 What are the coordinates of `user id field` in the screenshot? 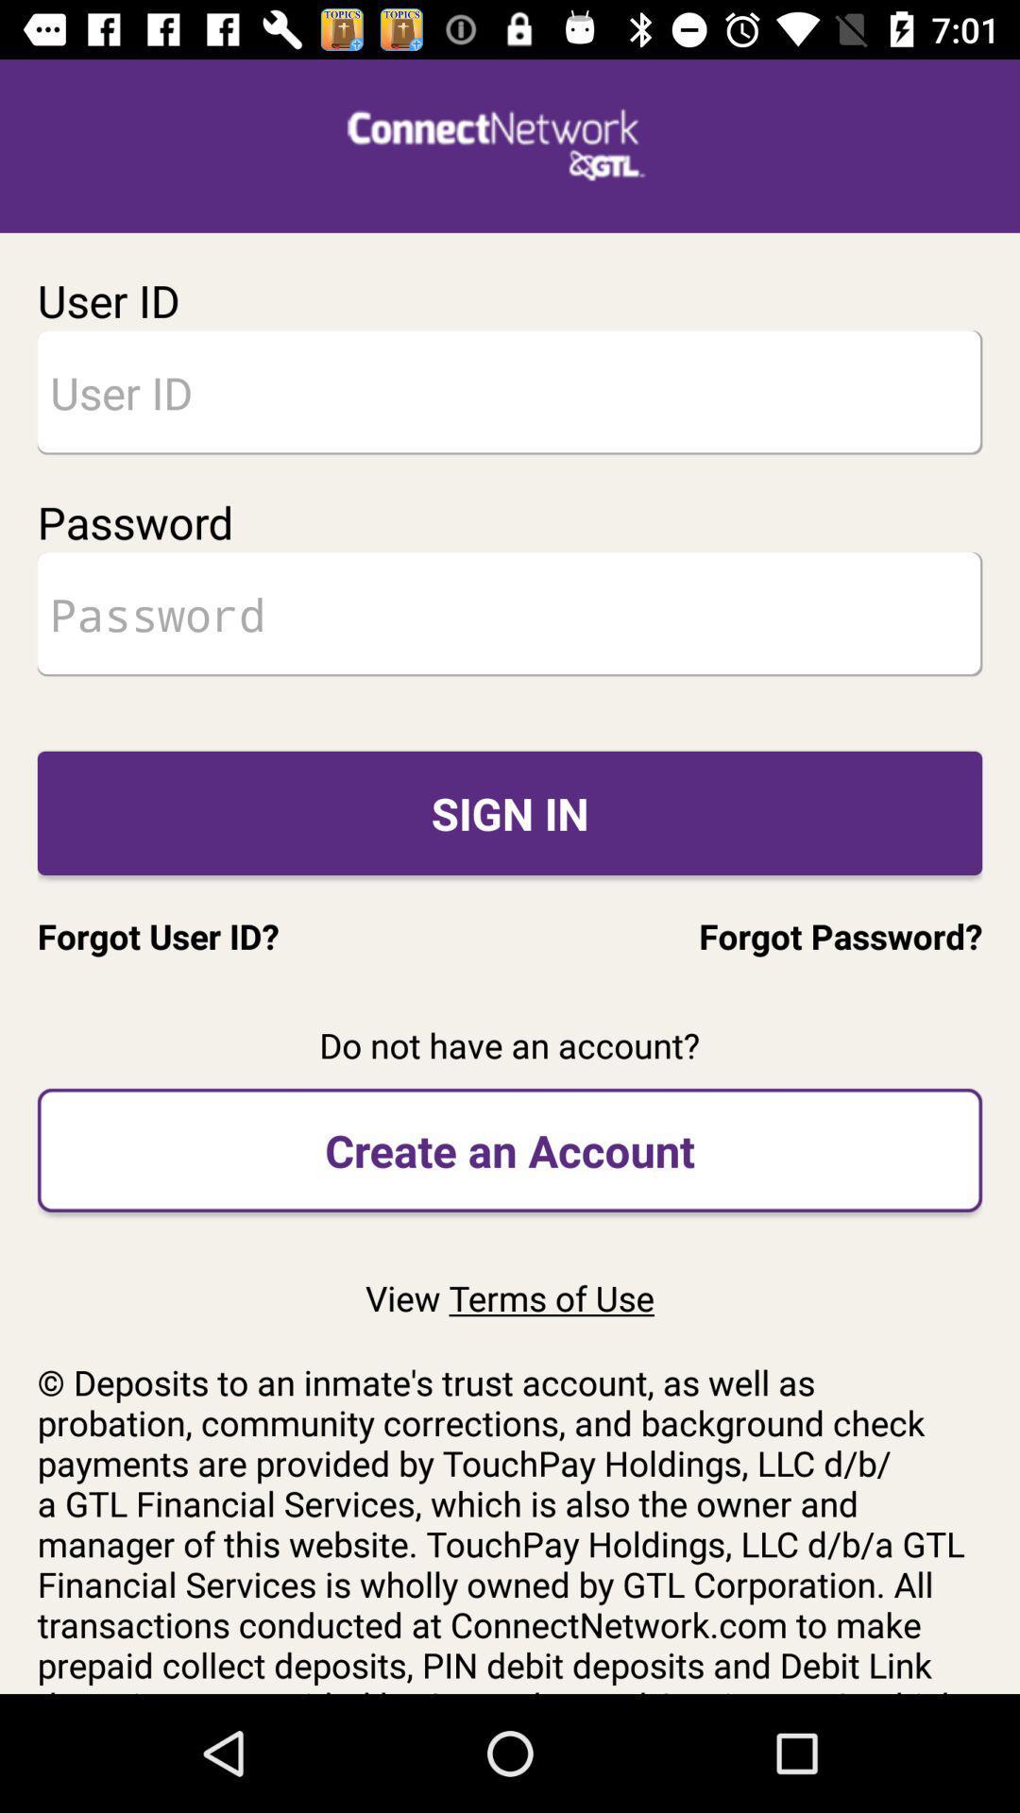 It's located at (510, 391).